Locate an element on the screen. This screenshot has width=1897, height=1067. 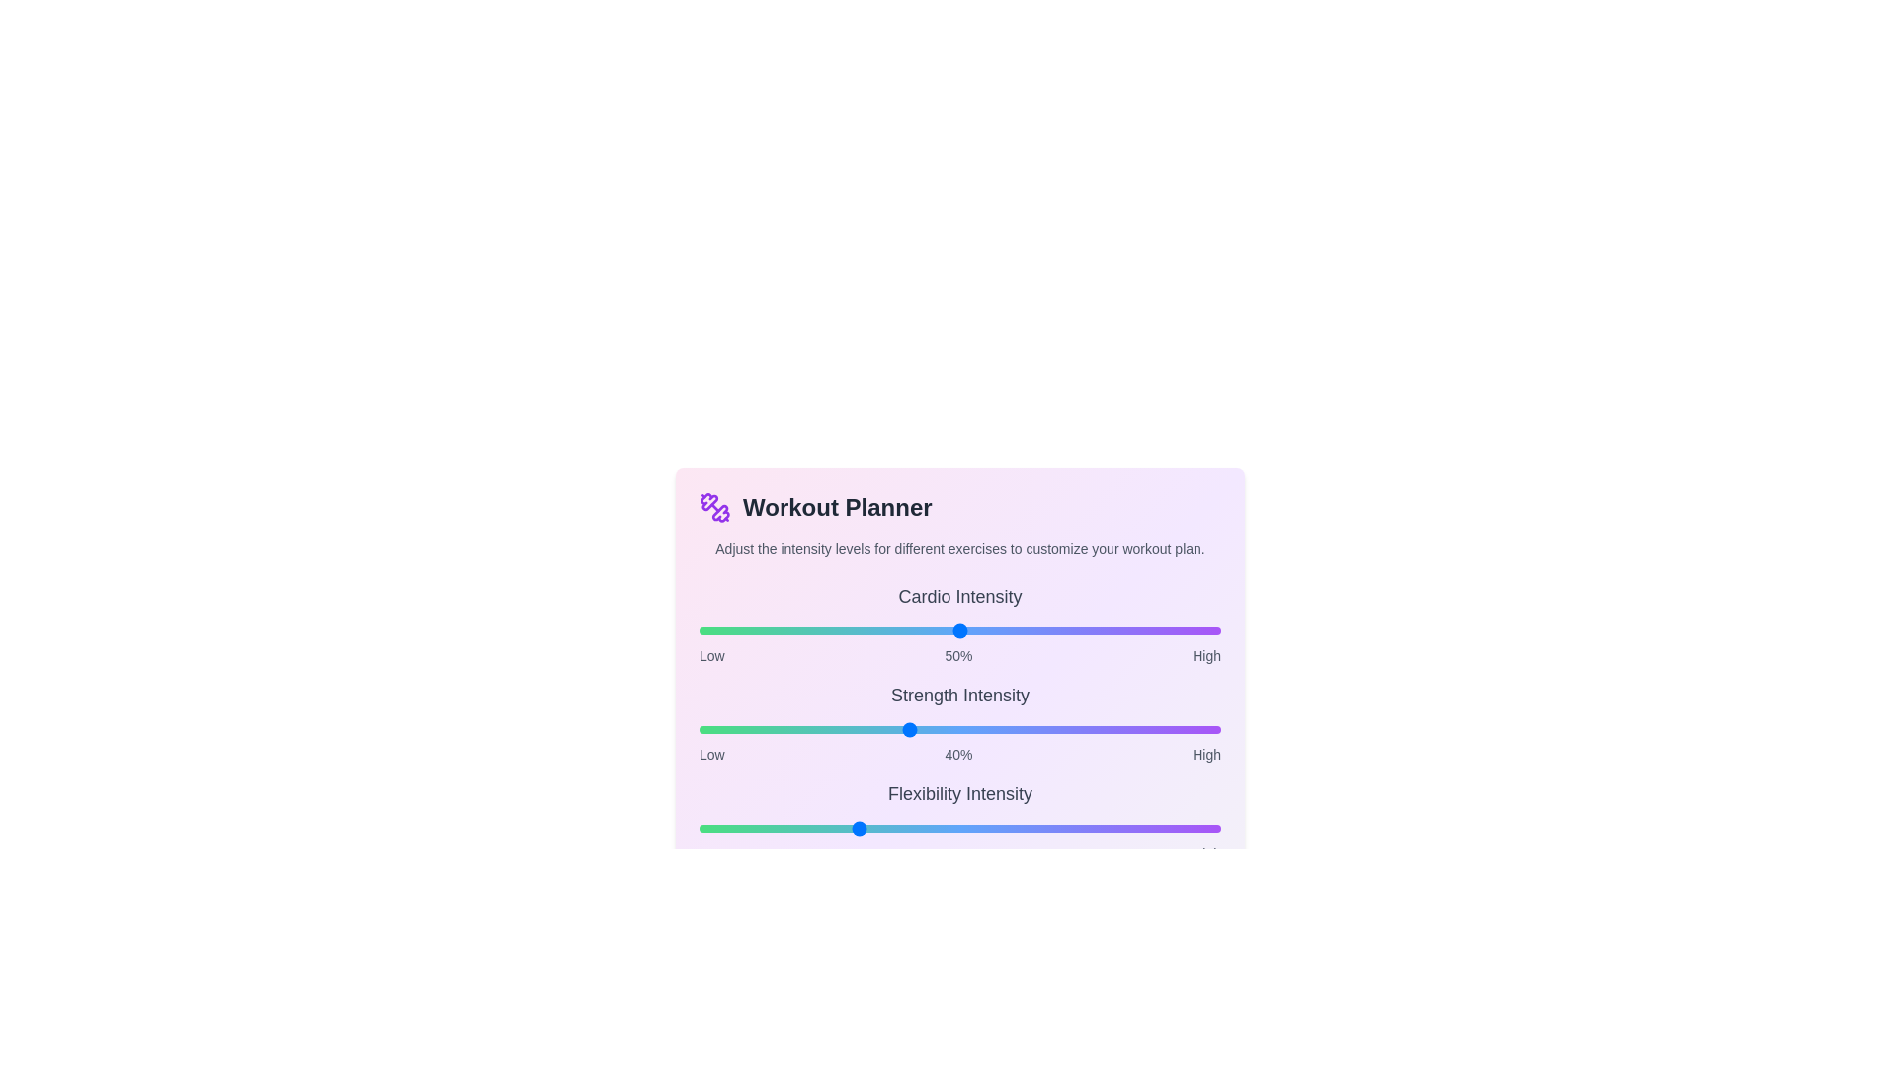
the intensity of the 2 slider to 85% is located at coordinates (1142, 829).